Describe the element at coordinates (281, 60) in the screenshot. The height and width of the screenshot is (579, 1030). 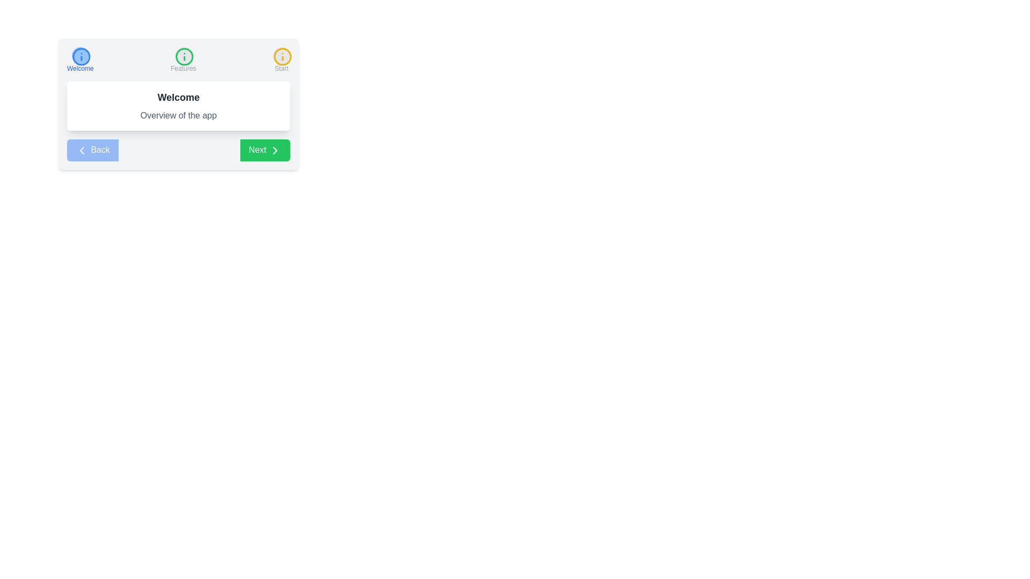
I see `the step labeled Start in the onboarding navigation` at that location.